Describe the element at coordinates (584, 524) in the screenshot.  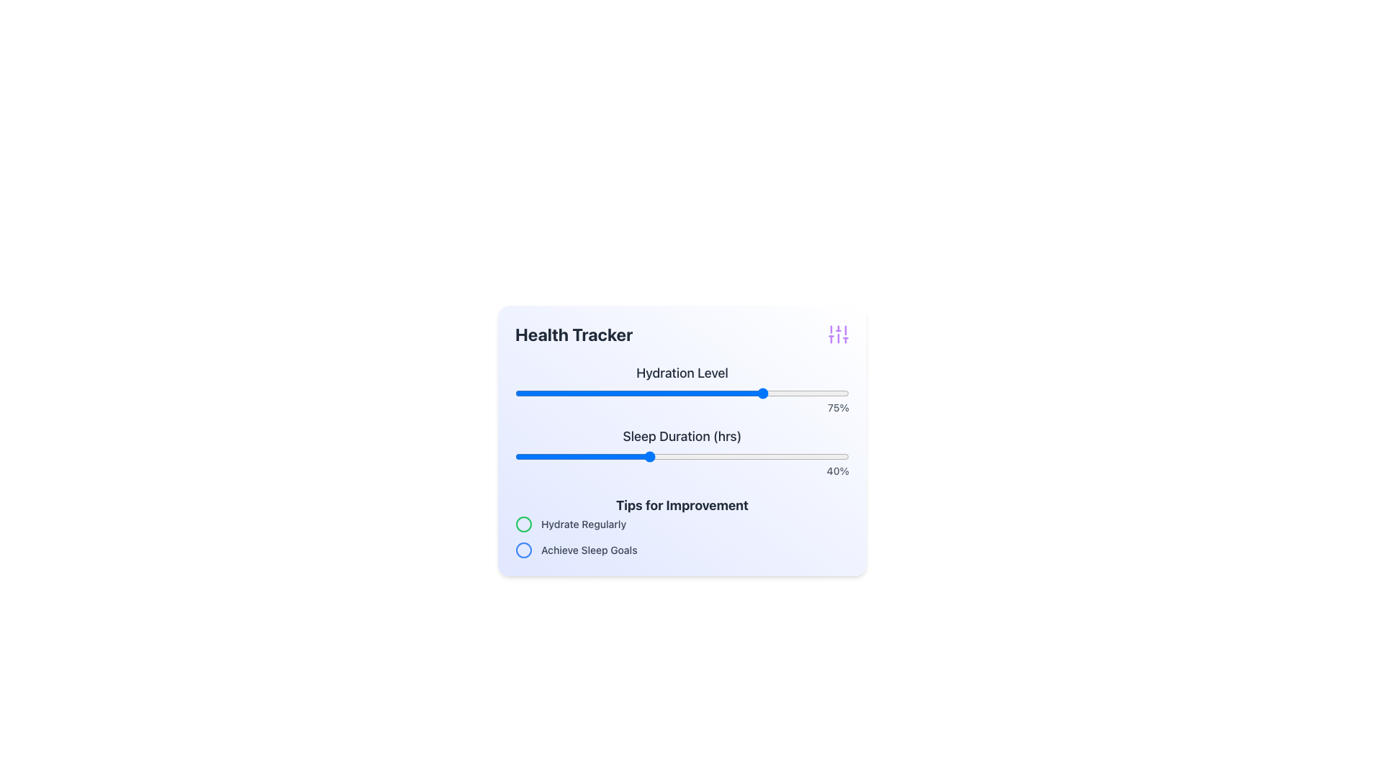
I see `the static text label providing hydration tips, which is located beside the green circular icon in the 'Tips for Improvement' section` at that location.